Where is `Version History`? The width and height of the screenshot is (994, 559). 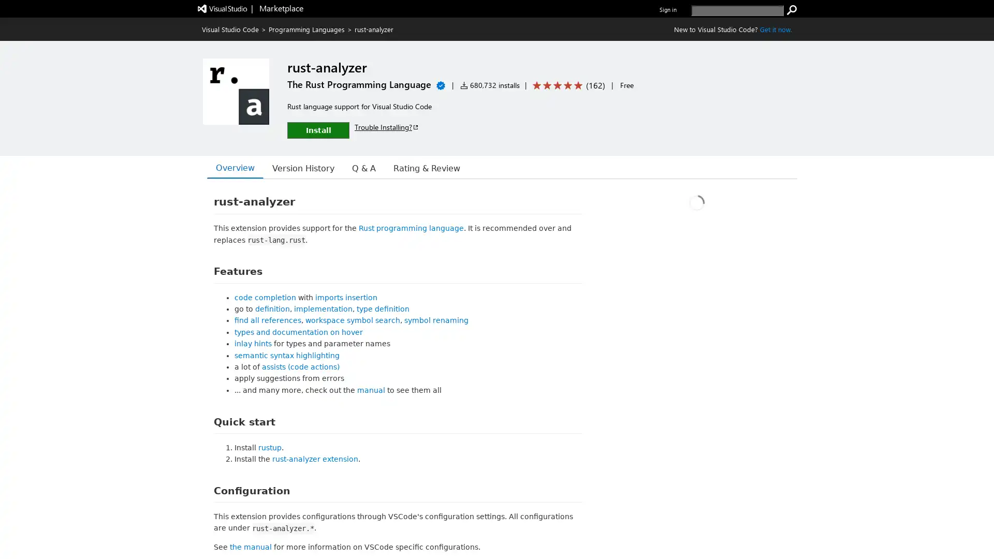 Version History is located at coordinates (294, 167).